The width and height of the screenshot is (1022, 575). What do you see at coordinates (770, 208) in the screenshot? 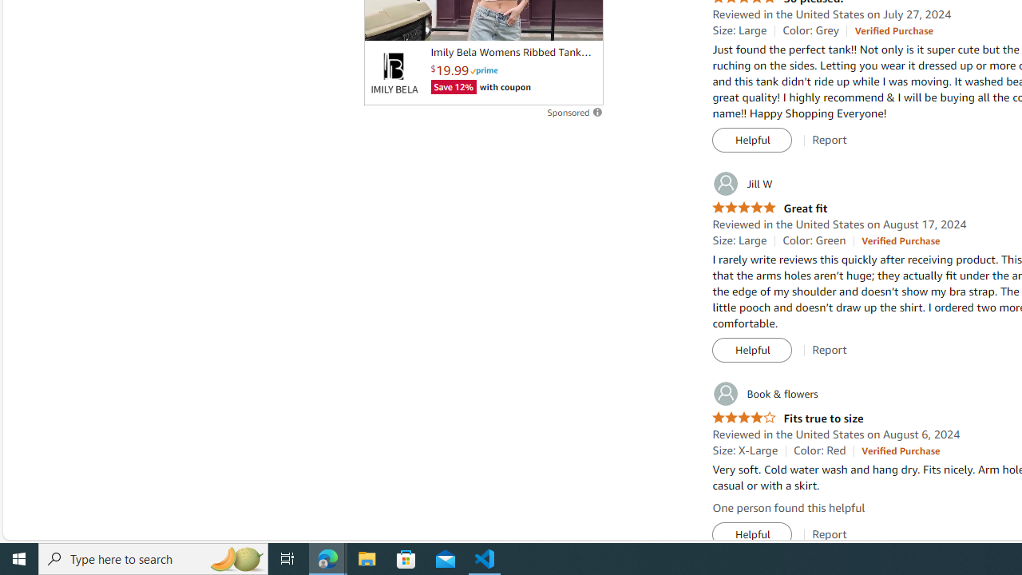
I see `'5.0 out of 5 stars Great fit'` at bounding box center [770, 208].